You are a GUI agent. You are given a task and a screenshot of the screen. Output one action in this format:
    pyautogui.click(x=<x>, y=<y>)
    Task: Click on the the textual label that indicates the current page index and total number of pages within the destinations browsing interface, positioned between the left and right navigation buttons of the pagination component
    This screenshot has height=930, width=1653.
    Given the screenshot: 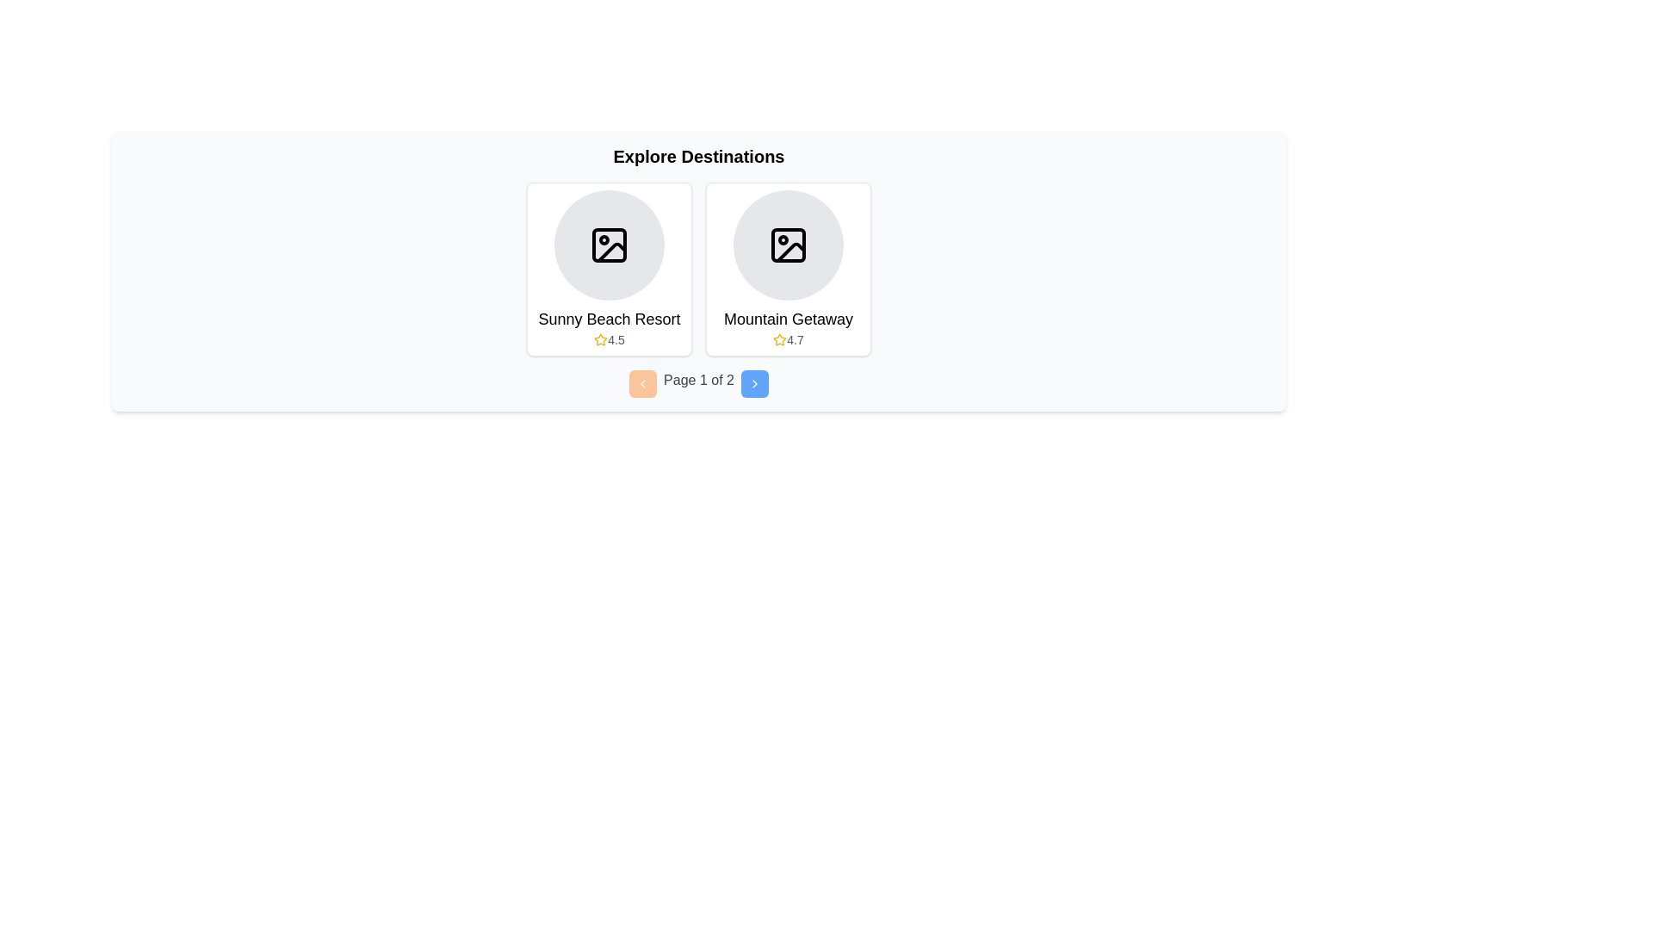 What is the action you would take?
    pyautogui.click(x=698, y=383)
    